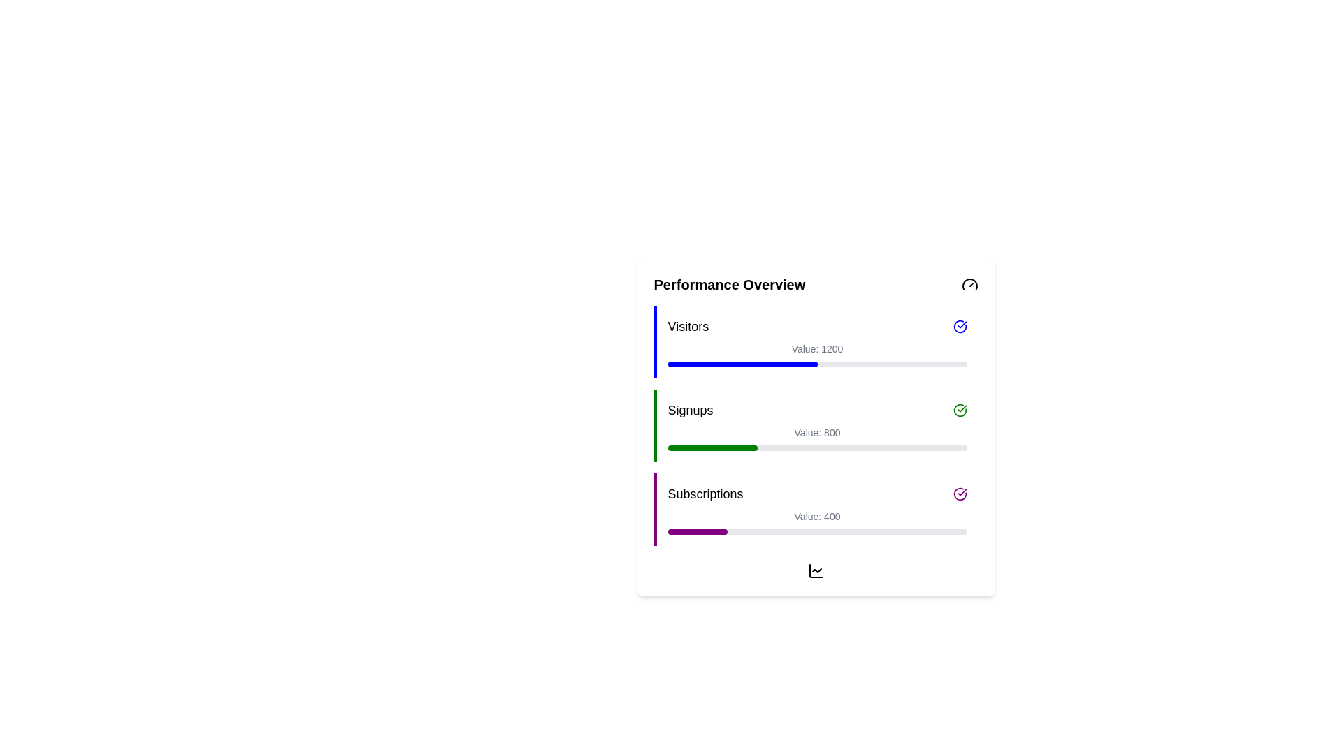 This screenshot has height=754, width=1342. Describe the element at coordinates (688, 326) in the screenshot. I see `the text label displaying 'Visitors', which is a prominent section title aligned to the left` at that location.